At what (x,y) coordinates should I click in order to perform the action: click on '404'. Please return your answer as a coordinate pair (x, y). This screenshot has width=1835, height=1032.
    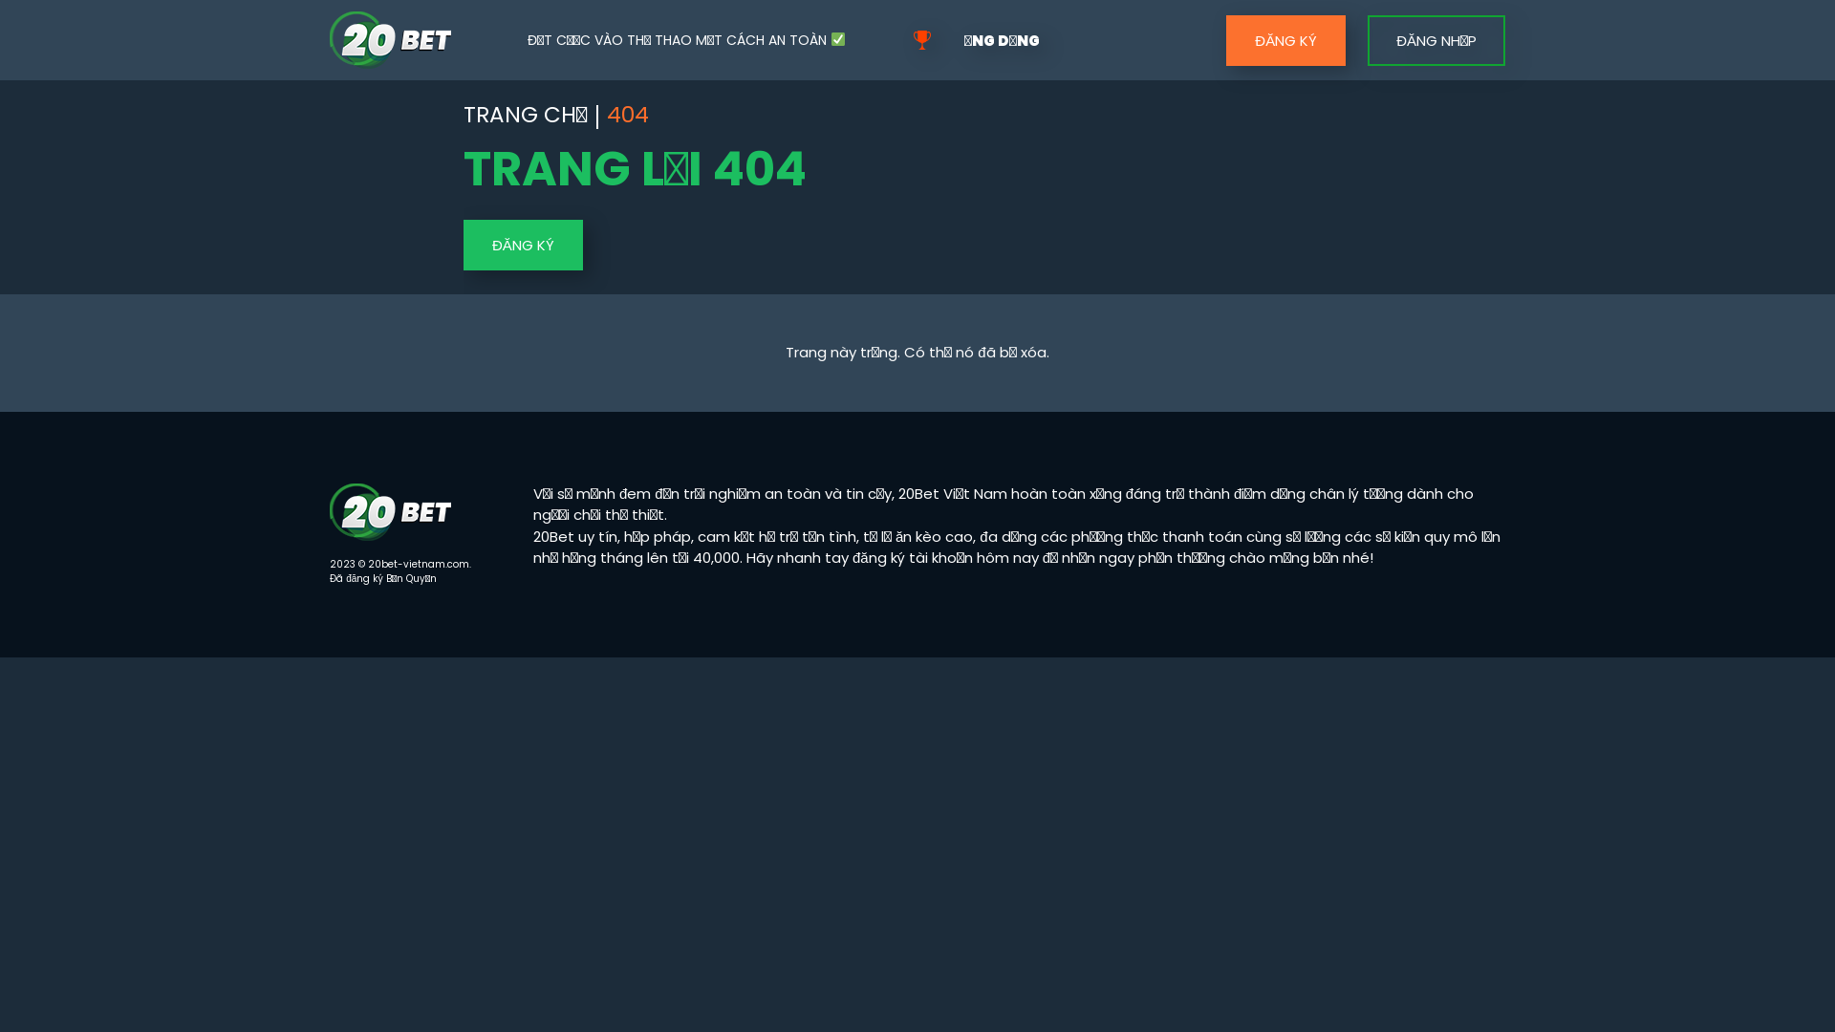
    Looking at the image, I should click on (628, 117).